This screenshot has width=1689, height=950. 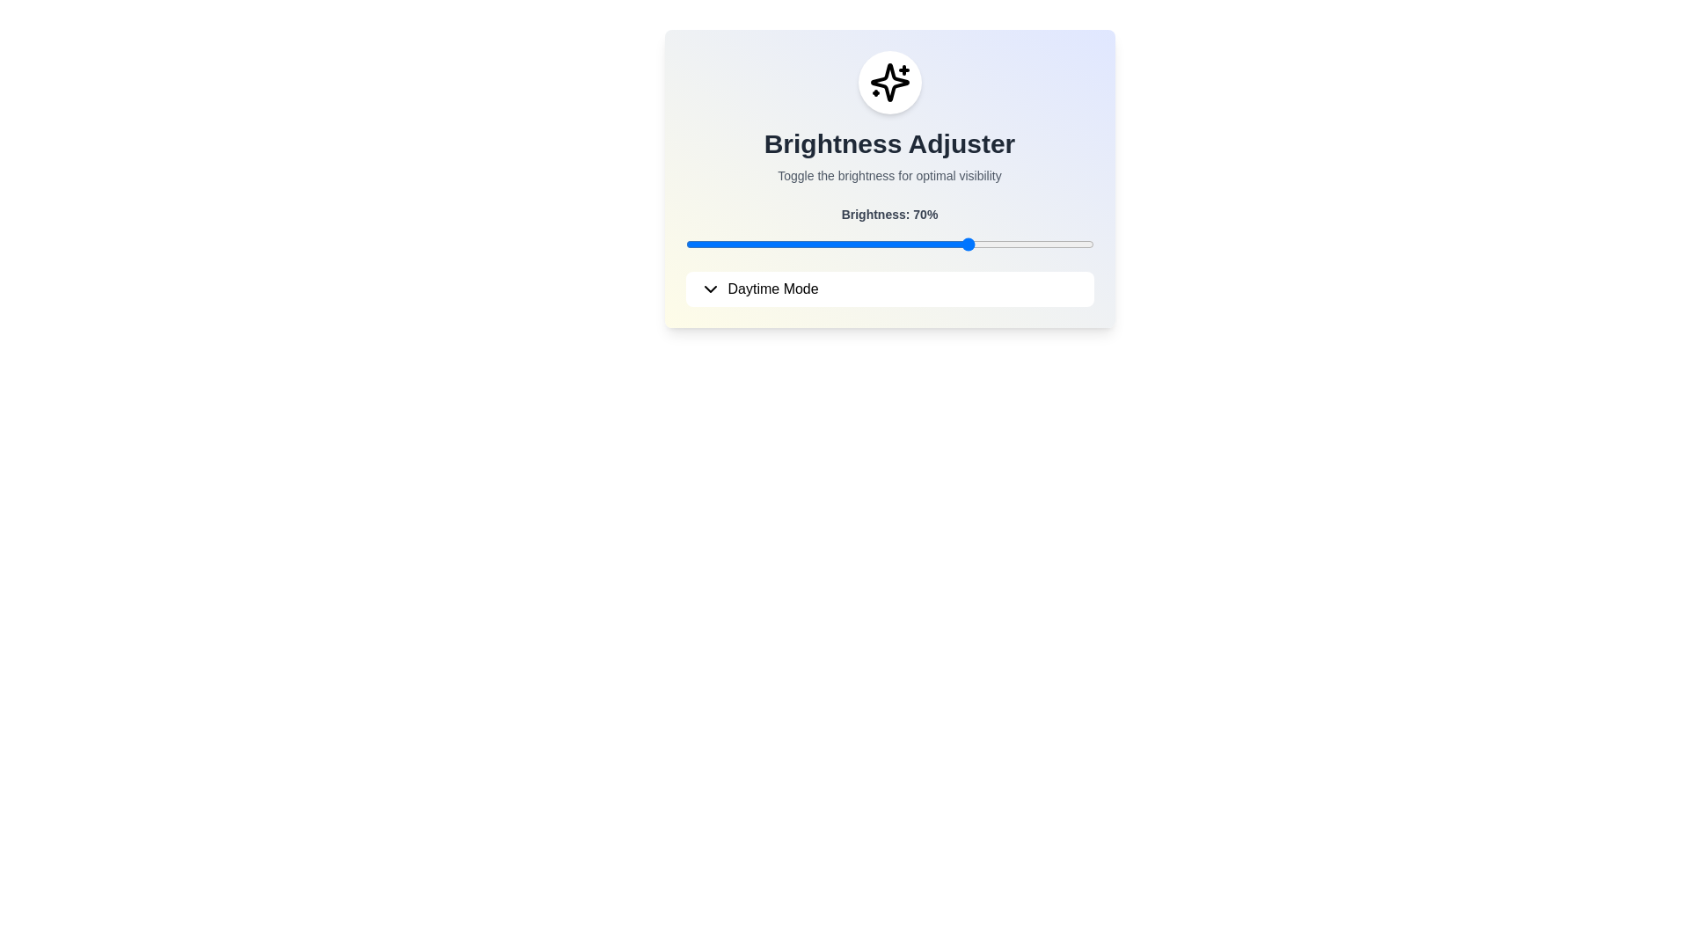 What do you see at coordinates (974, 244) in the screenshot?
I see `the brightness slider to 71%` at bounding box center [974, 244].